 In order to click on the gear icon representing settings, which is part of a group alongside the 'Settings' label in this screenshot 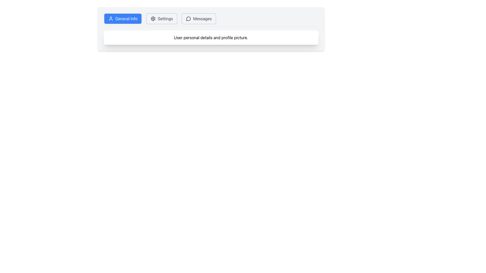, I will do `click(153, 18)`.